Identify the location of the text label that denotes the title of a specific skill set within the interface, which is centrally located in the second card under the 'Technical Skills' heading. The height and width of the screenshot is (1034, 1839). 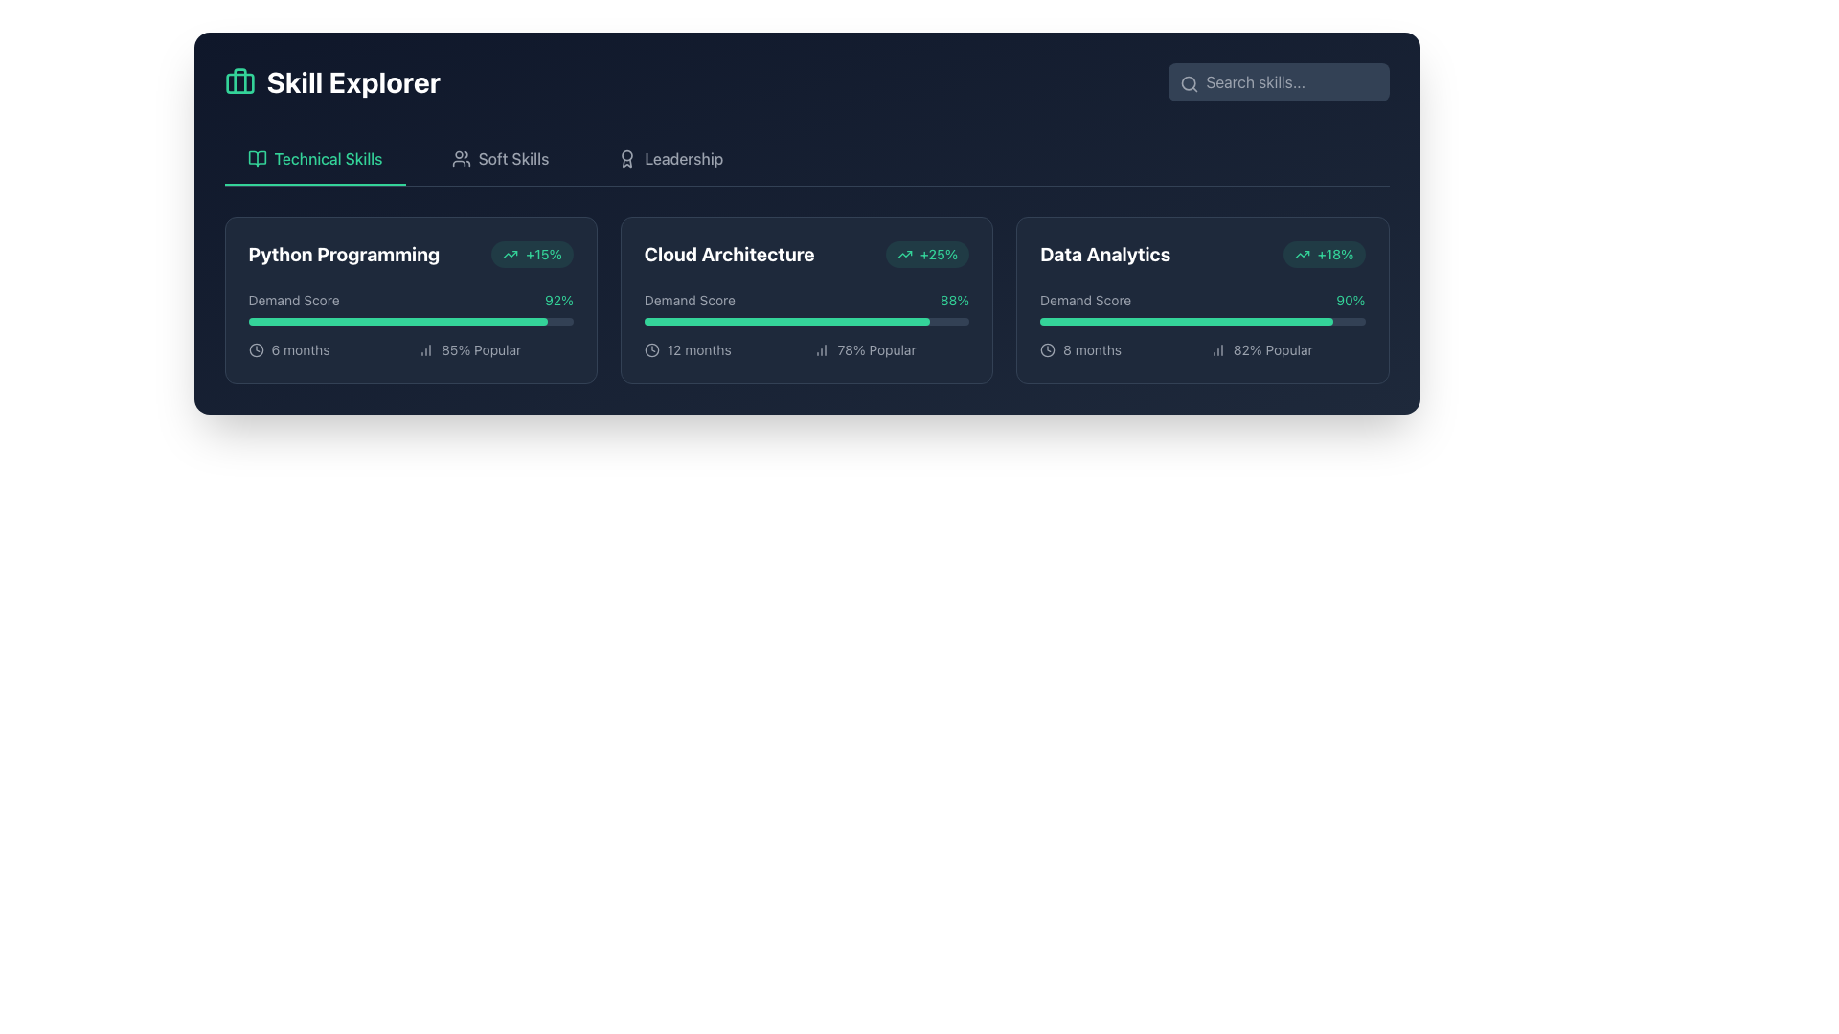
(728, 254).